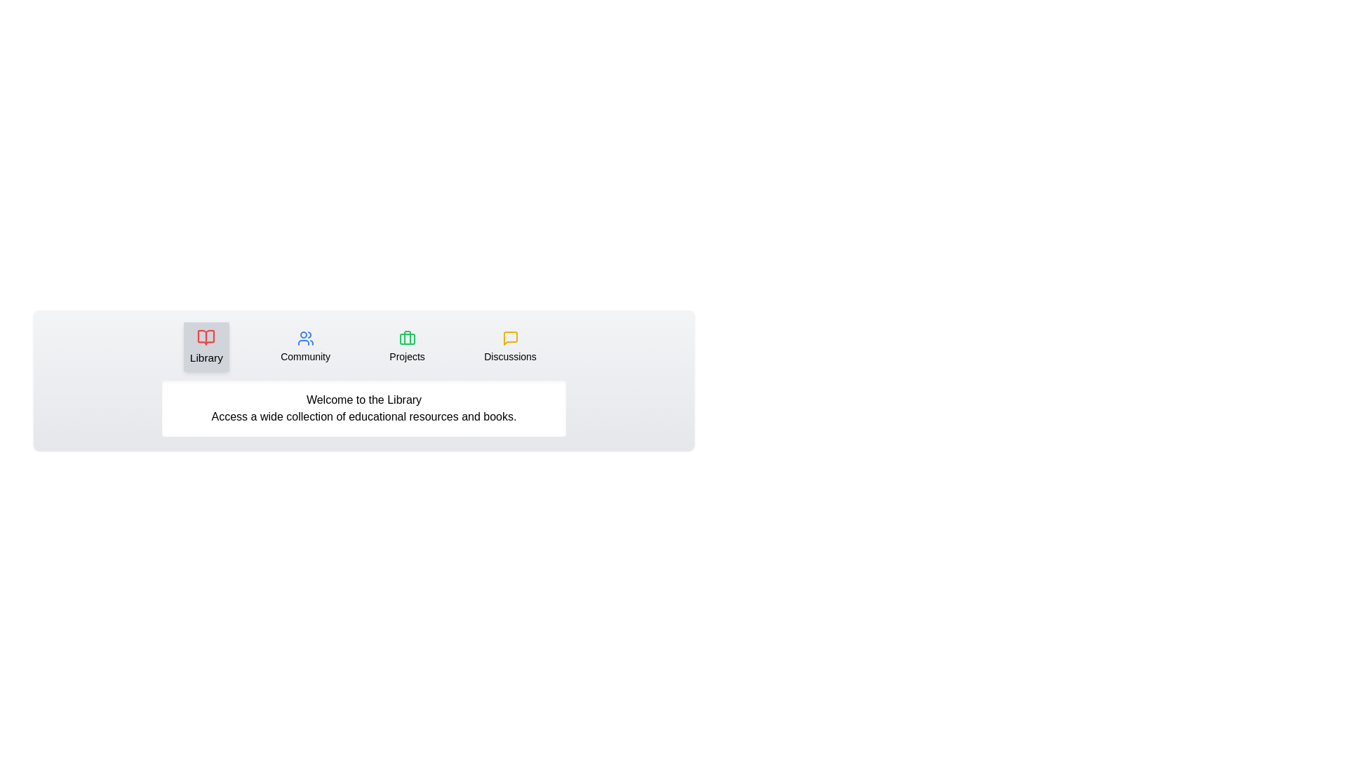 The width and height of the screenshot is (1347, 757). Describe the element at coordinates (509, 338) in the screenshot. I see `the yellow speech bubble icon located` at that location.